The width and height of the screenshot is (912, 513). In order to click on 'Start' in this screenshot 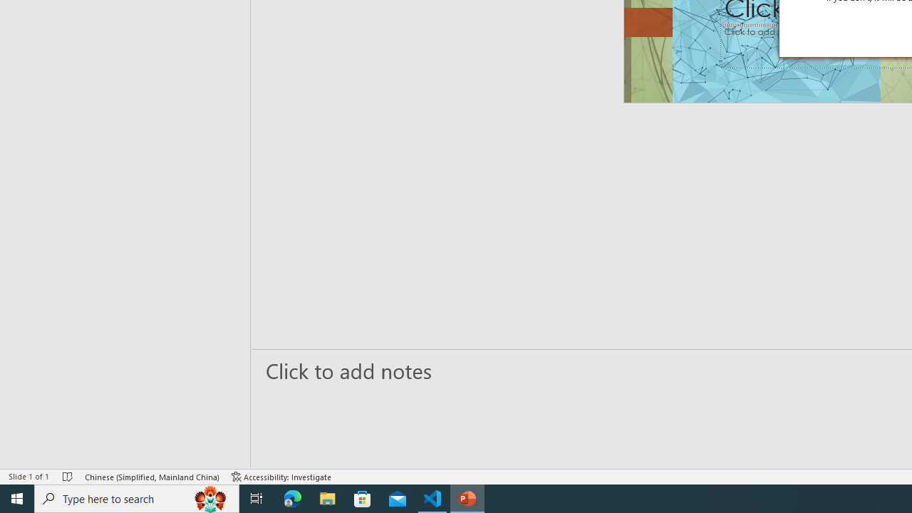, I will do `click(17, 497)`.